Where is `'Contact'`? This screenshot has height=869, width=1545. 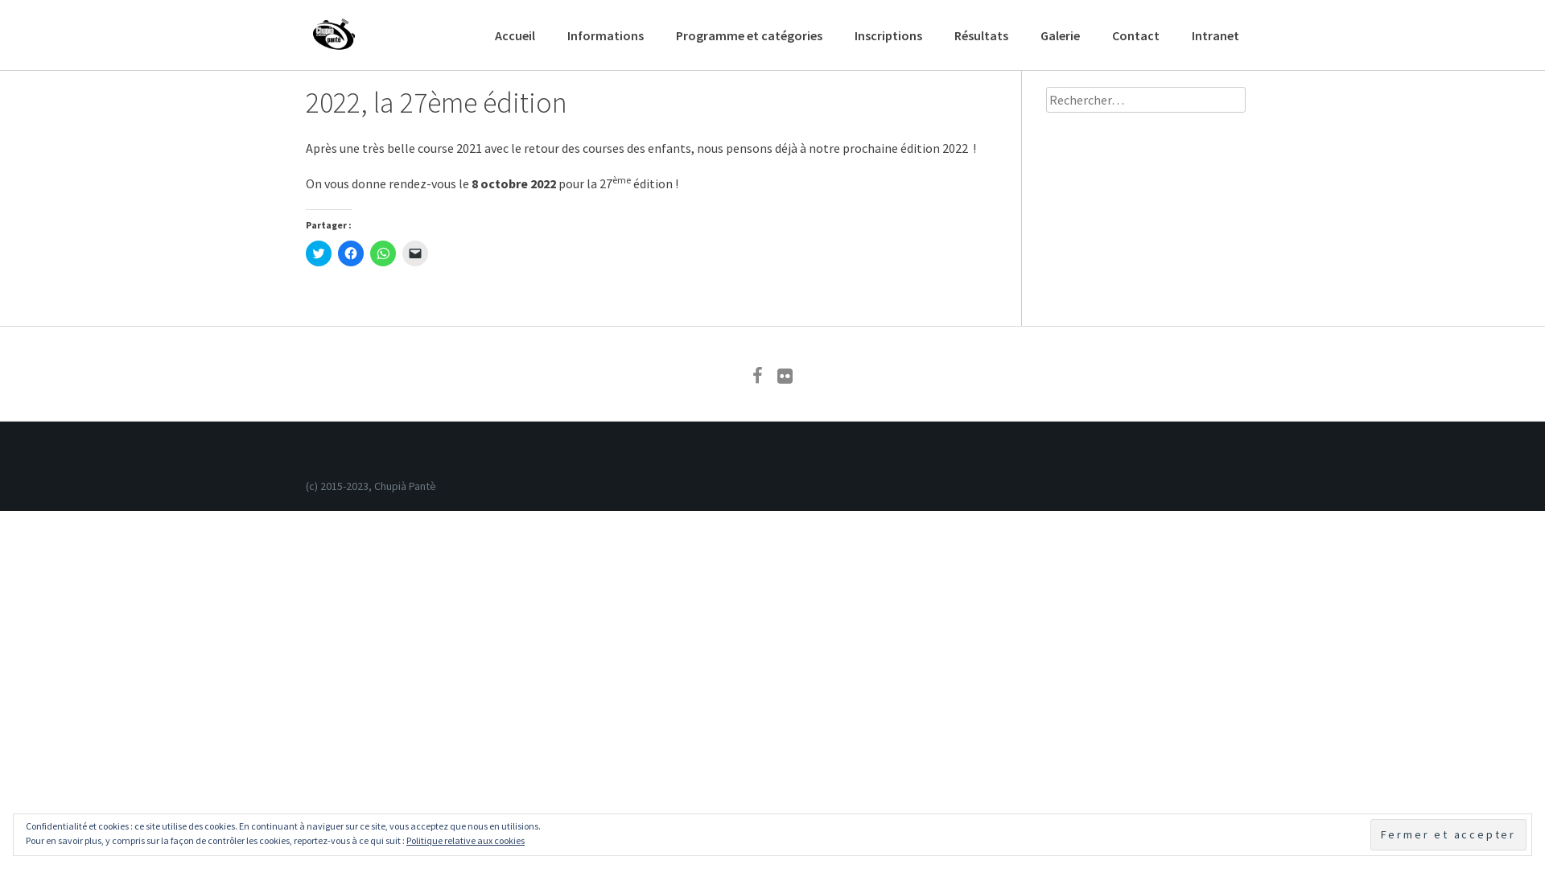 'Contact' is located at coordinates (1135, 35).